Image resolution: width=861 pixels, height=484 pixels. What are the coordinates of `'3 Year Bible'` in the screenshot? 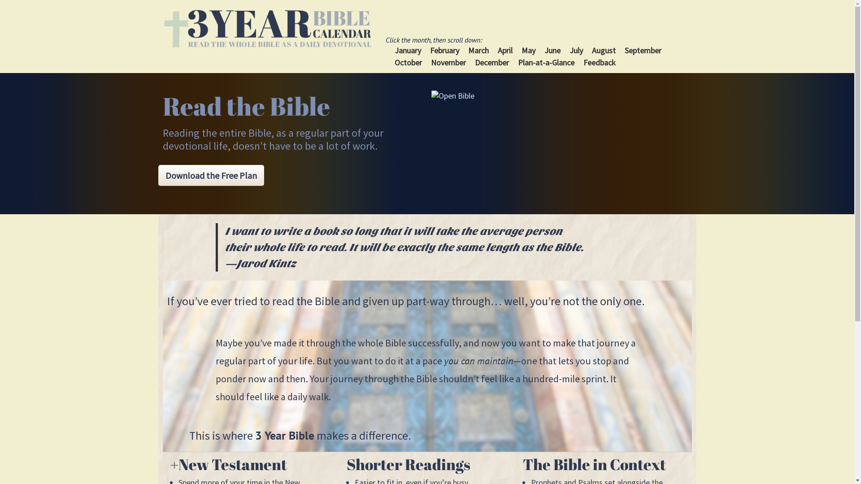 It's located at (162, 28).